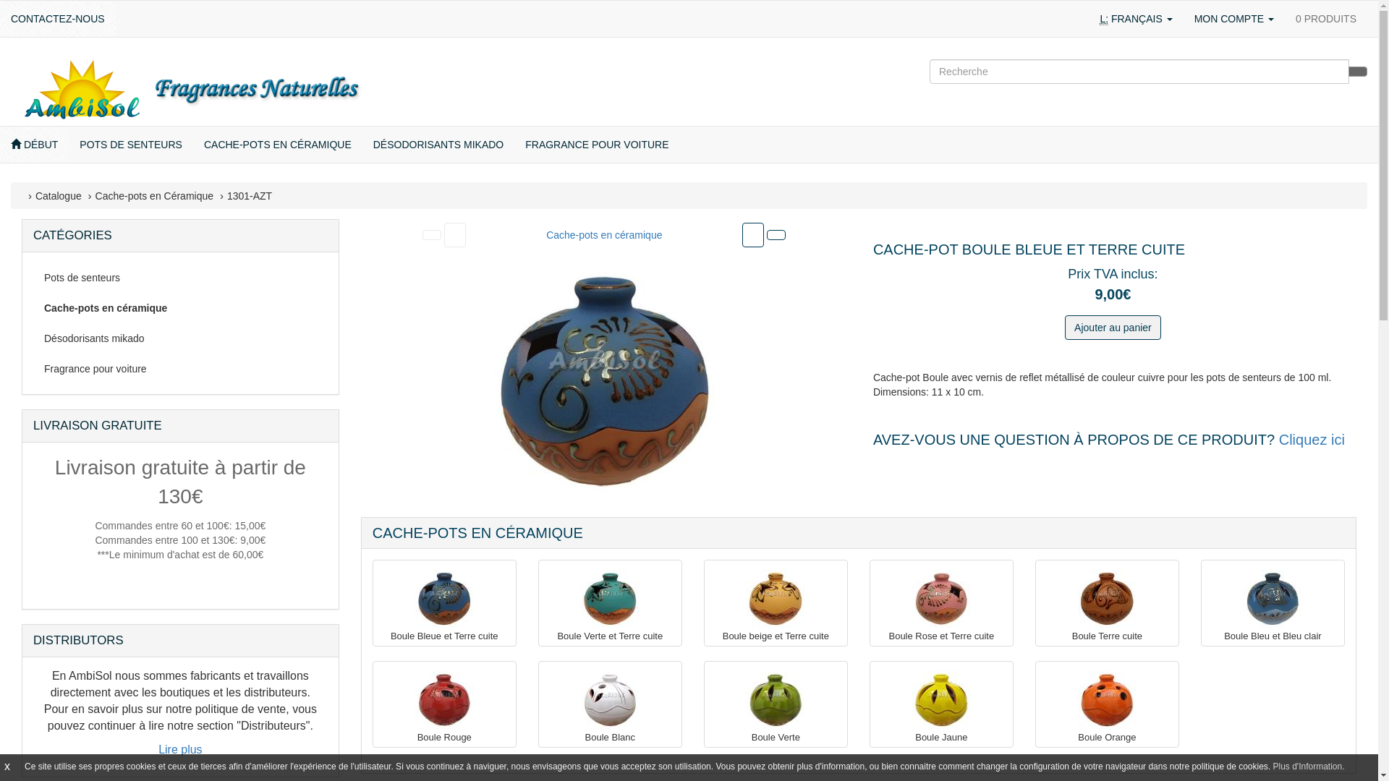 The image size is (1389, 781). Describe the element at coordinates (766, 234) in the screenshot. I see `'Dernier'` at that location.